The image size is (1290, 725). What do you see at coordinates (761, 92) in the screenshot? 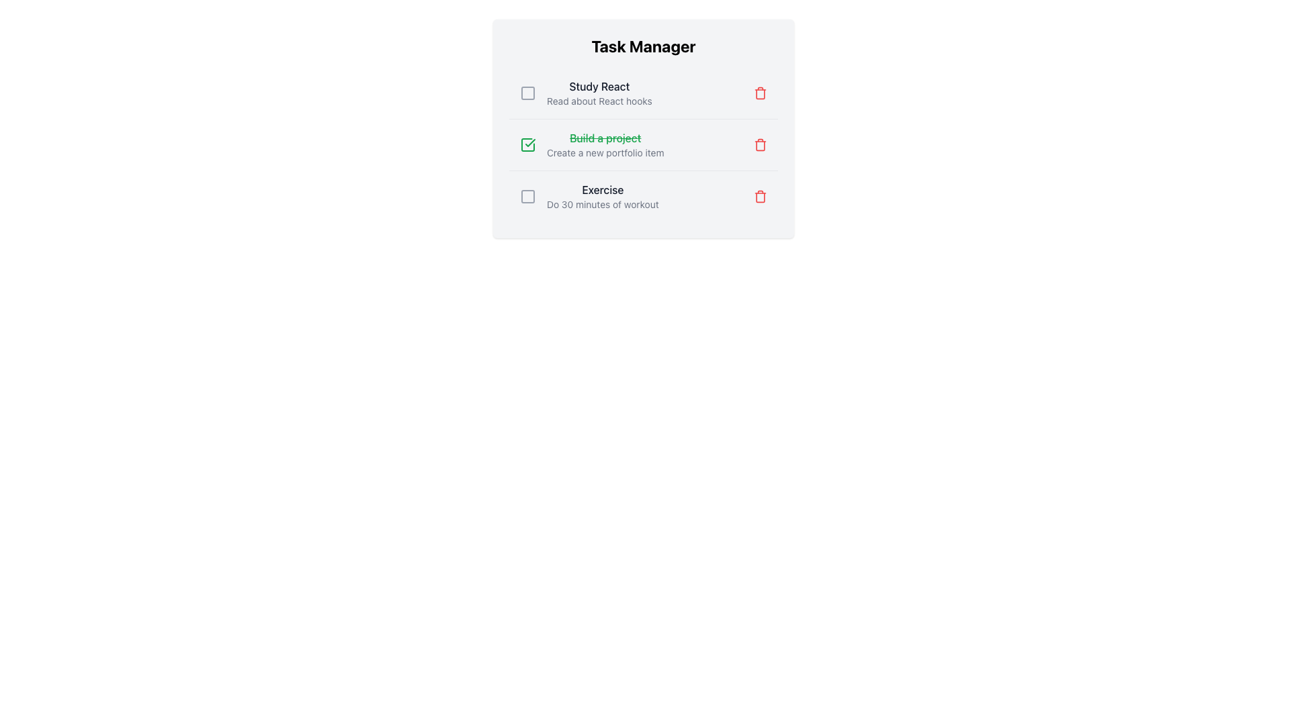
I see `the delete button located on the right-hand side of the task item labeled 'Study React'` at bounding box center [761, 92].